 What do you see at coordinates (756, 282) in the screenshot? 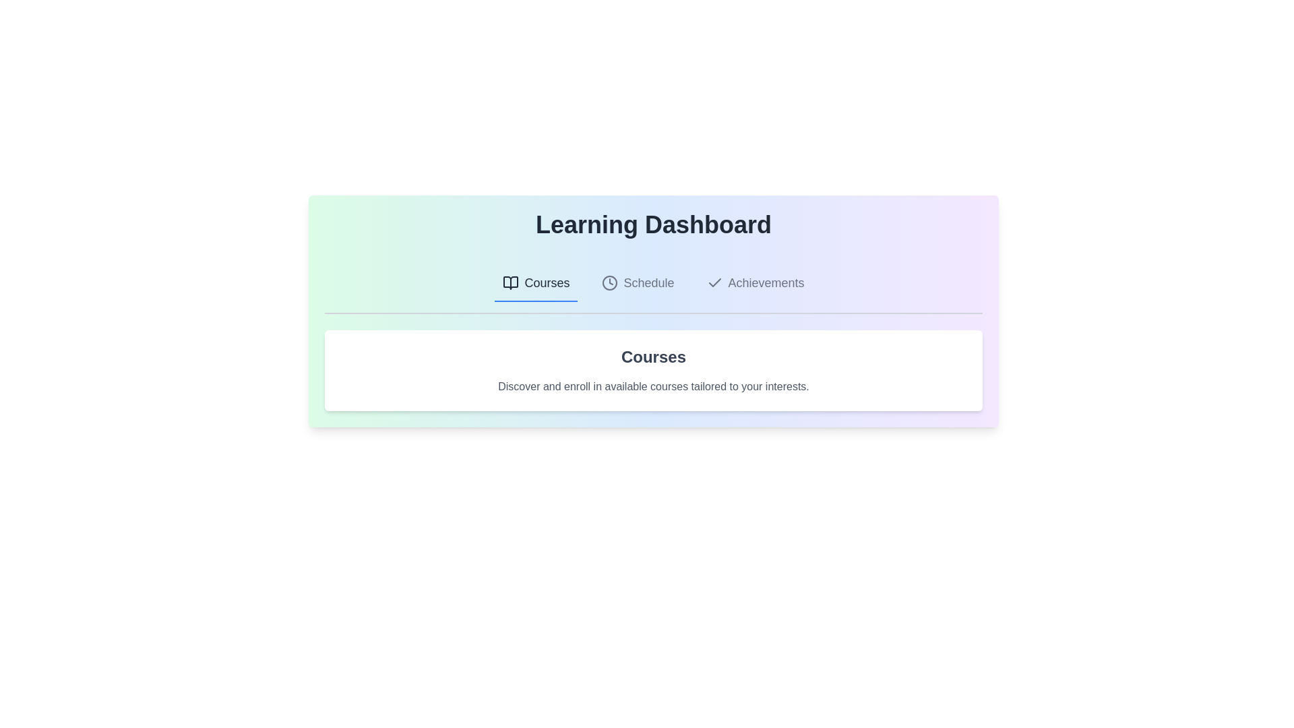
I see `the Achievements tab by clicking on its label or icon` at bounding box center [756, 282].